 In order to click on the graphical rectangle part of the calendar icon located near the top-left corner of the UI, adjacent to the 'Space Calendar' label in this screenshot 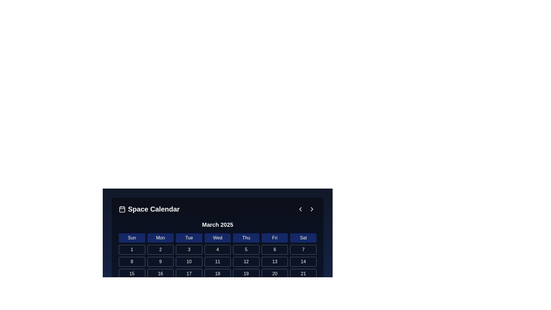, I will do `click(122, 209)`.